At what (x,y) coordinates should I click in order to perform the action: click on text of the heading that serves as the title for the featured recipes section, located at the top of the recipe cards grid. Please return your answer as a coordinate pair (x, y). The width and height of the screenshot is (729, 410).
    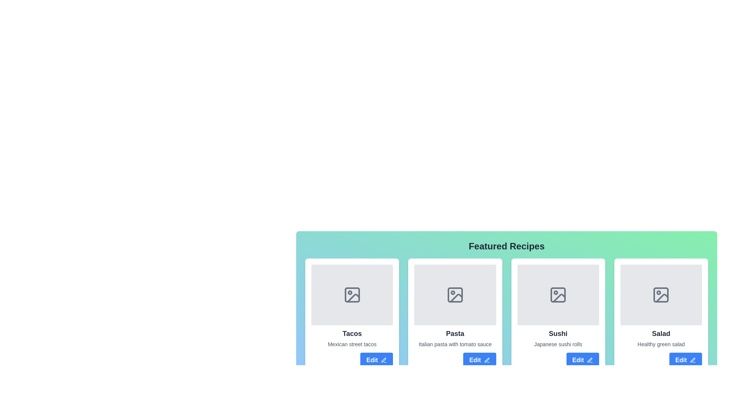
    Looking at the image, I should click on (507, 246).